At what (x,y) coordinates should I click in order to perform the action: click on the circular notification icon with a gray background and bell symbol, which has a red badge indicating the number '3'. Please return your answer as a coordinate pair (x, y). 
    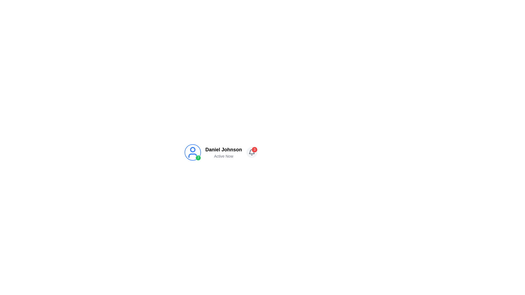
    Looking at the image, I should click on (252, 152).